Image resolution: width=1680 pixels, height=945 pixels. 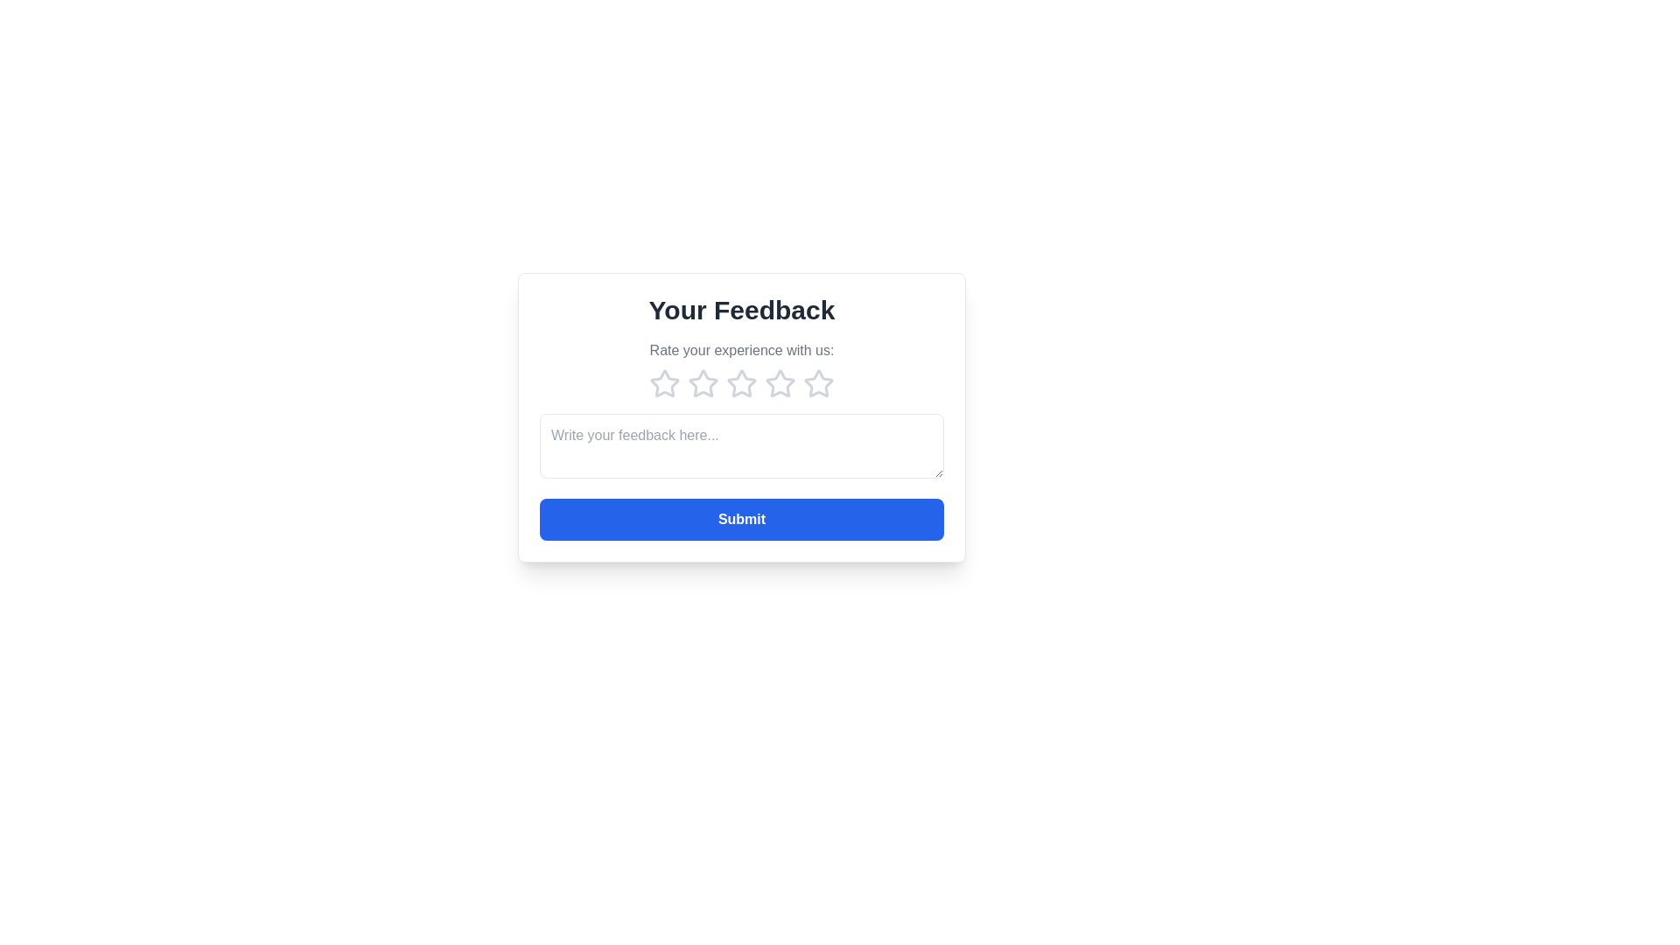 What do you see at coordinates (742, 383) in the screenshot?
I see `the star corresponding to 3 to set the rating` at bounding box center [742, 383].